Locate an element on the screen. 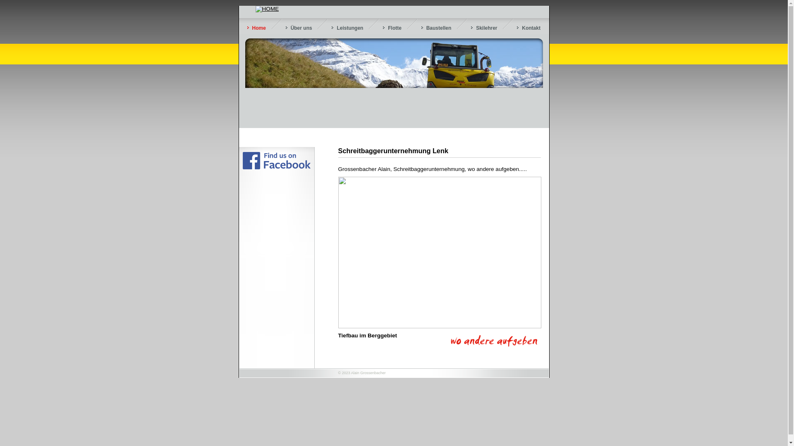  'Home' is located at coordinates (256, 28).